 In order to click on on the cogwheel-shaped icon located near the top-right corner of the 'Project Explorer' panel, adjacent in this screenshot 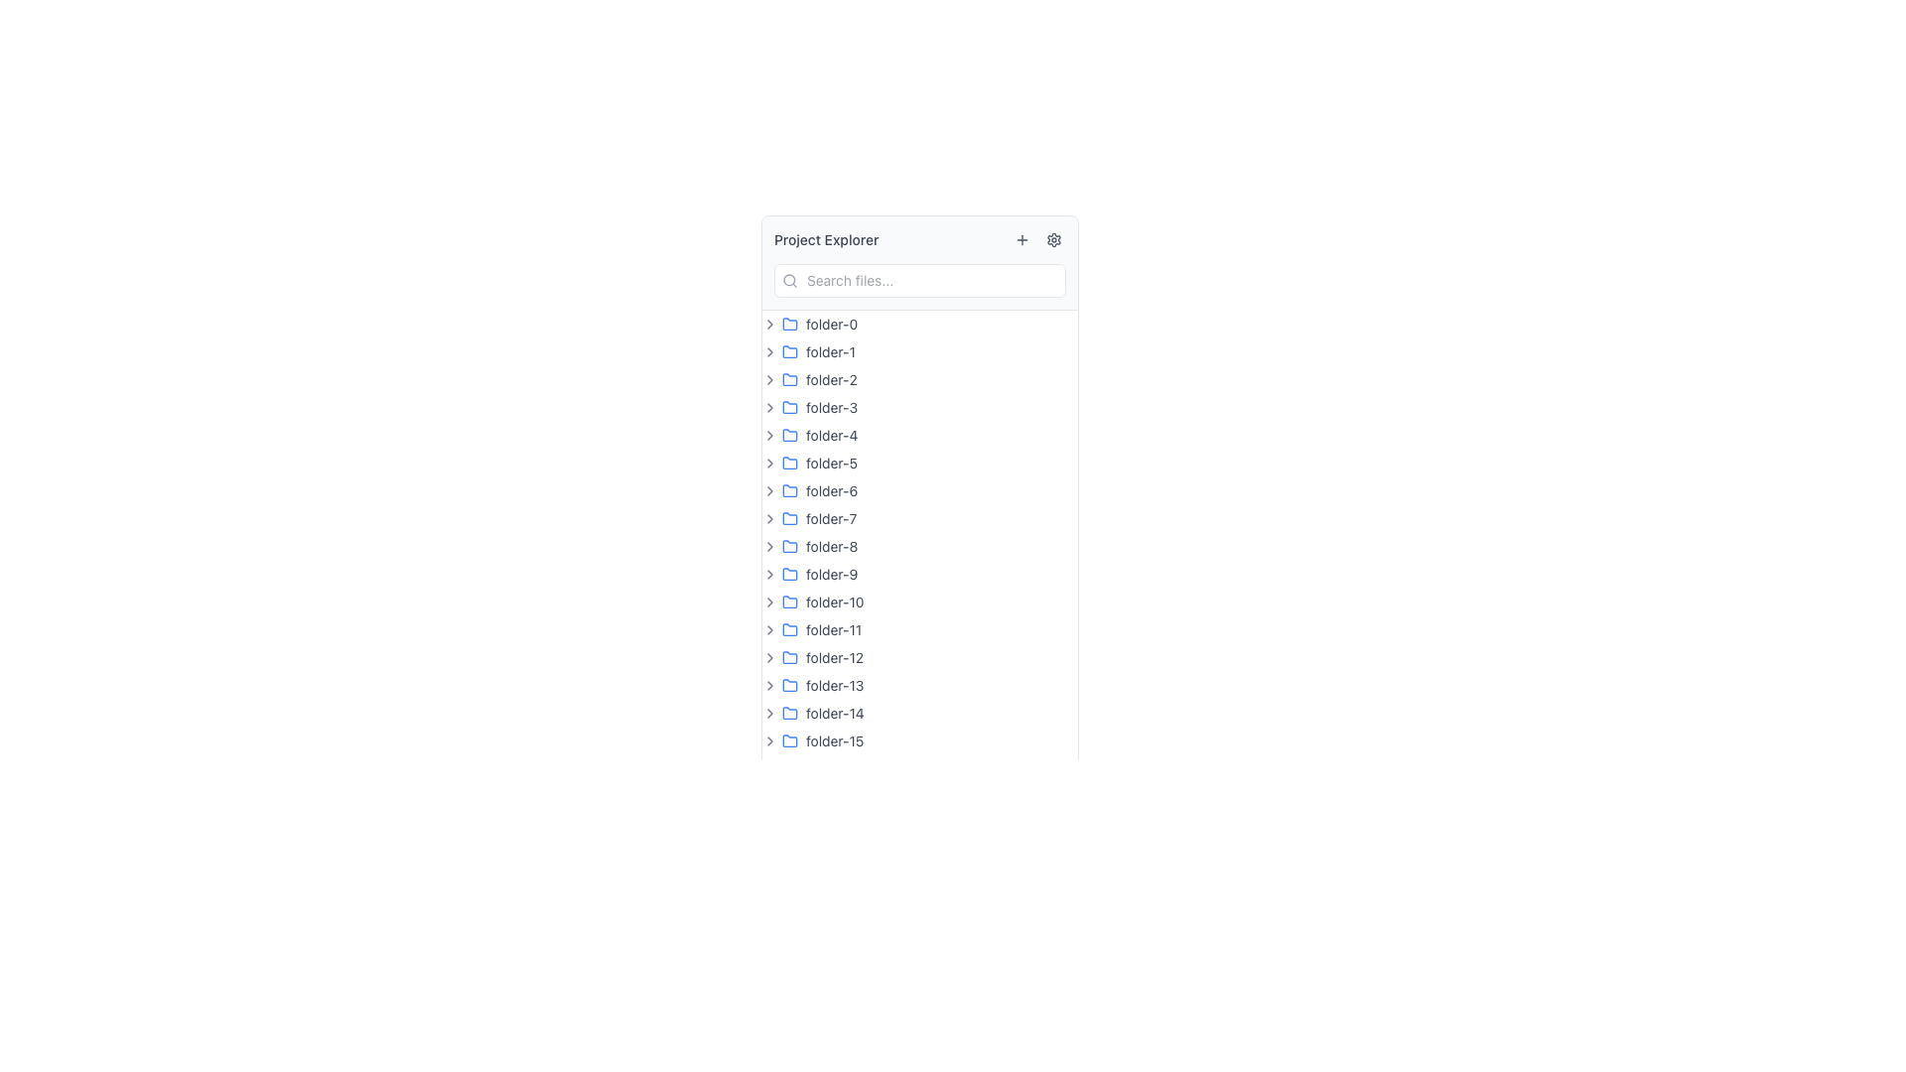, I will do `click(1052, 239)`.